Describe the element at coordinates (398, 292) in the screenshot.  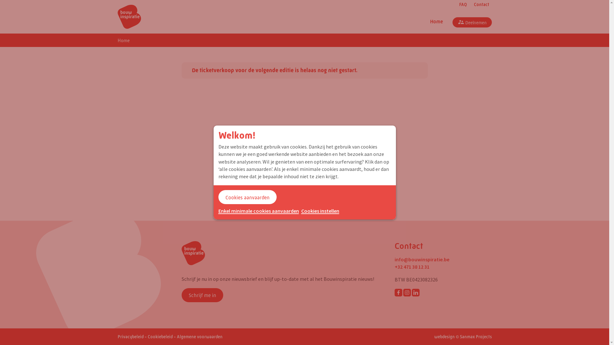
I see `'Facebook'` at that location.